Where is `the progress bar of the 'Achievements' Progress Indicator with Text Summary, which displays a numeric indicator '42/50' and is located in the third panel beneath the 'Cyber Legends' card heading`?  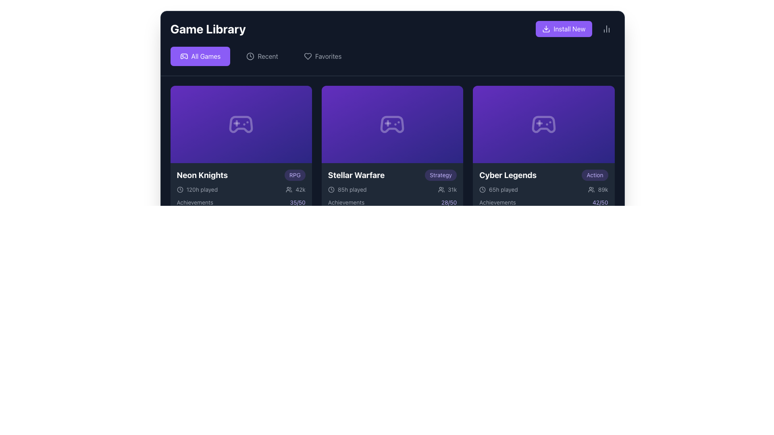 the progress bar of the 'Achievements' Progress Indicator with Text Summary, which displays a numeric indicator '42/50' and is located in the third panel beneath the 'Cyber Legends' card heading is located at coordinates (543, 205).